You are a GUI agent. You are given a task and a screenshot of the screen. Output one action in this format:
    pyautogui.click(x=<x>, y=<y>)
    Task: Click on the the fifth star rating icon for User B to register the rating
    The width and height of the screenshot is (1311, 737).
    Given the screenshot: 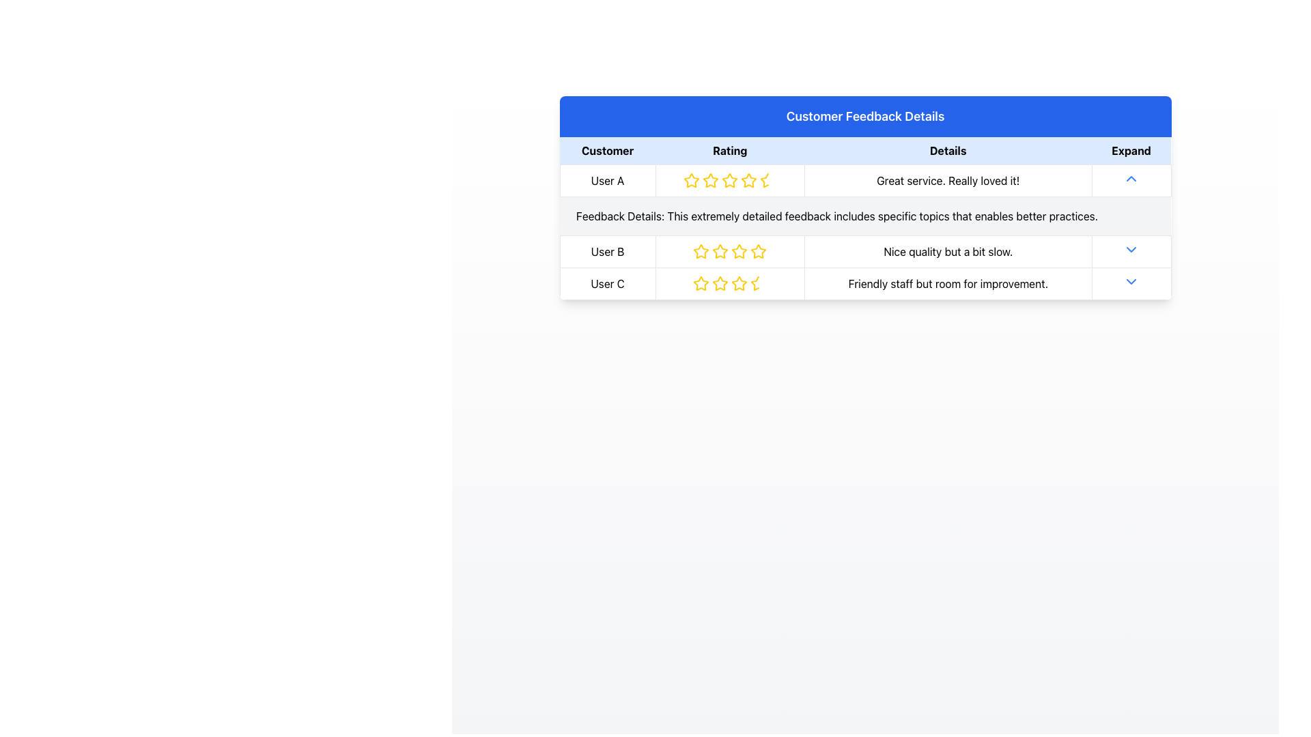 What is the action you would take?
    pyautogui.click(x=758, y=252)
    